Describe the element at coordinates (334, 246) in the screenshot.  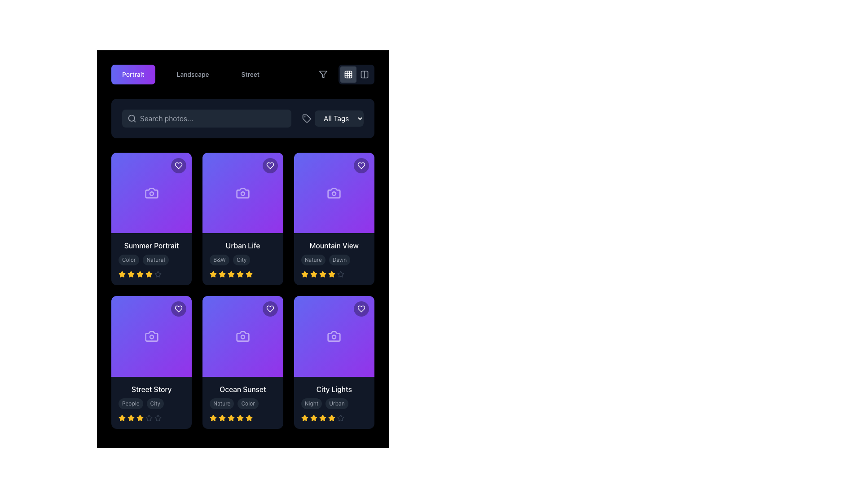
I see `the text element displaying the title 'Mountain View', which is styled in white text on a dark background, located in the third card from the left in the top row of a grid layout` at that location.